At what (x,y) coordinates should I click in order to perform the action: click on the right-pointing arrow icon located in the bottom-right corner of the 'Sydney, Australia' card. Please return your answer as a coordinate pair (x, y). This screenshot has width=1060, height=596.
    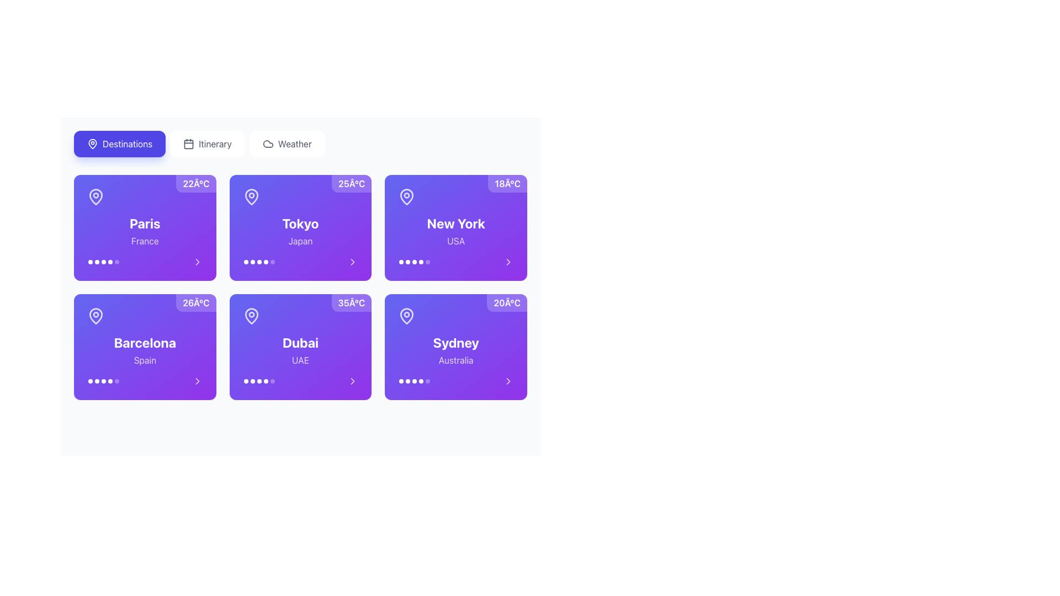
    Looking at the image, I should click on (508, 380).